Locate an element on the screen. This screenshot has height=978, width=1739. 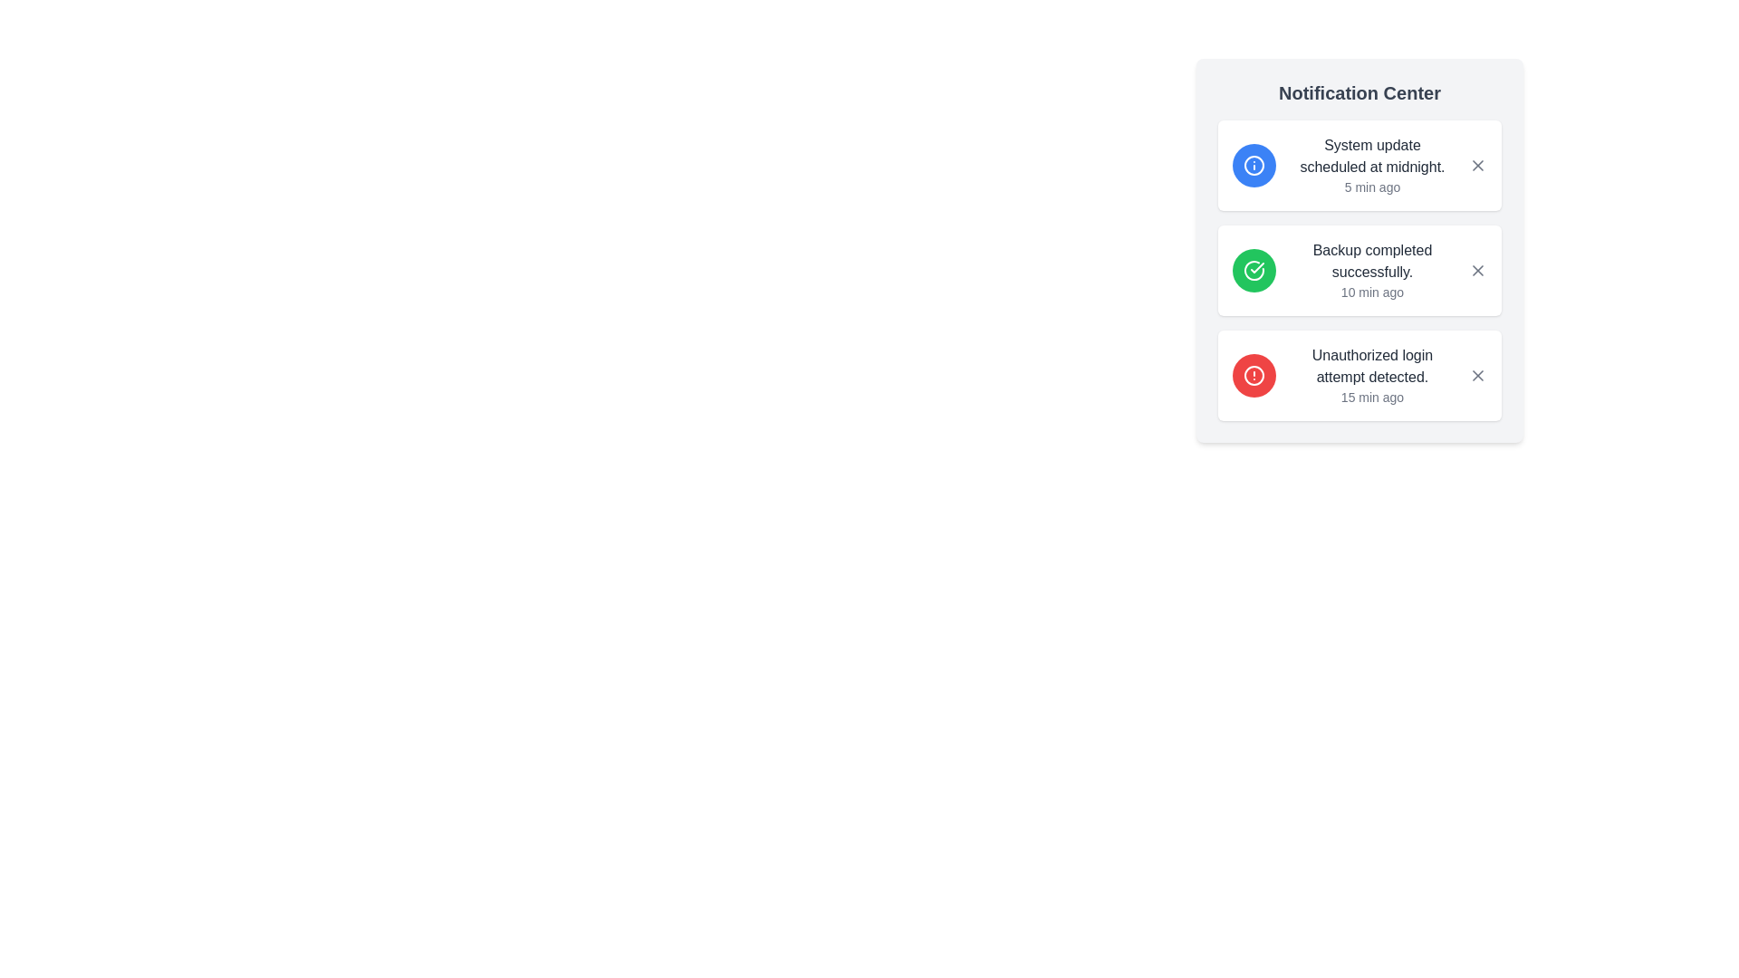
notification message displayed in the middle notification card of the Notification Center, which indicates that a recent backup operation was successfully completed, along with the timestamp '10 min ago' is located at coordinates (1372, 271).